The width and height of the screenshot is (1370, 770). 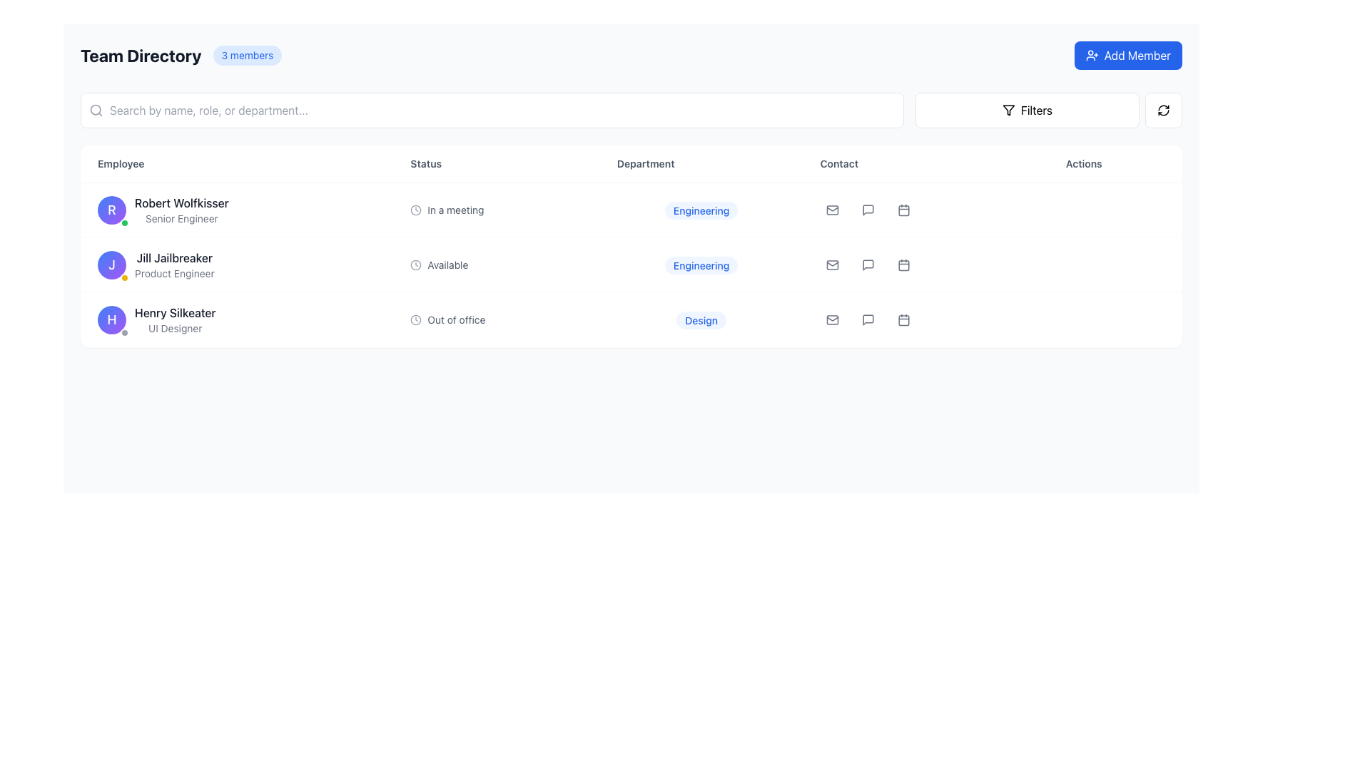 I want to click on the interactive SVG button in the third row of the 'Team Directory' table under the 'Actions' column, so click(x=903, y=265).